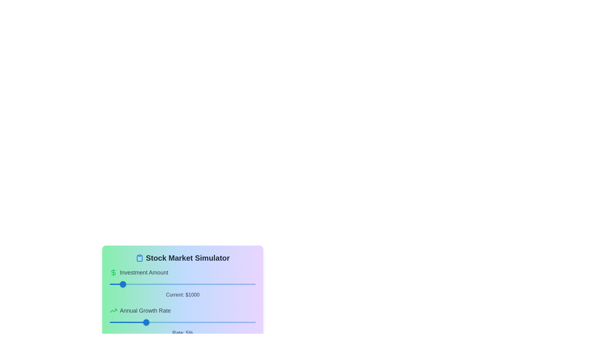  Describe the element at coordinates (154, 322) in the screenshot. I see `the annual growth rate` at that location.